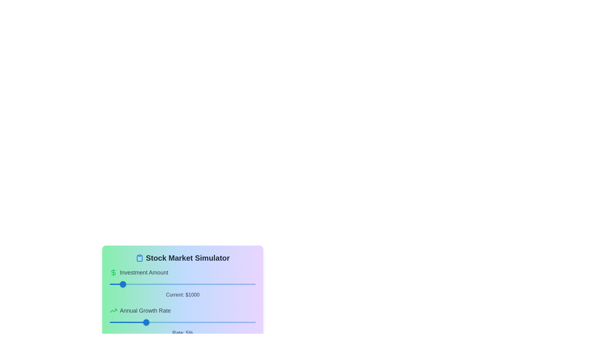  Describe the element at coordinates (154, 322) in the screenshot. I see `the annual growth rate` at that location.